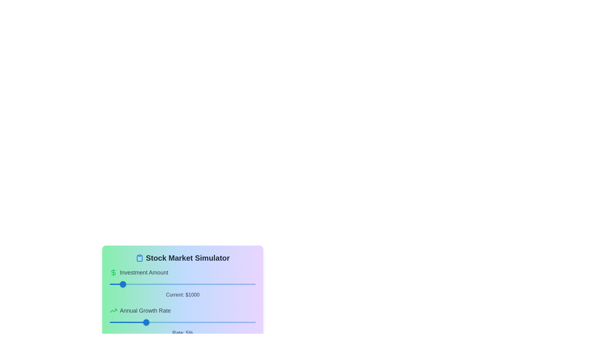  Describe the element at coordinates (154, 322) in the screenshot. I see `the annual growth rate` at that location.